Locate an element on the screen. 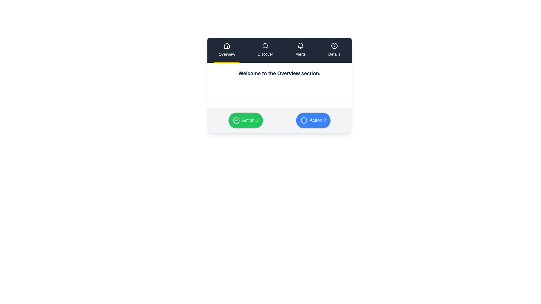  the 'Details' button in the top-right of the navigation bar is located at coordinates (334, 50).